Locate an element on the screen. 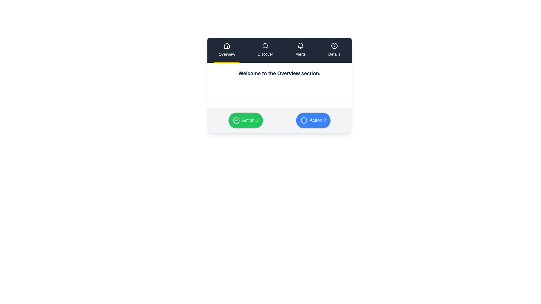  the 'Details' button in the top-right of the navigation bar is located at coordinates (334, 50).